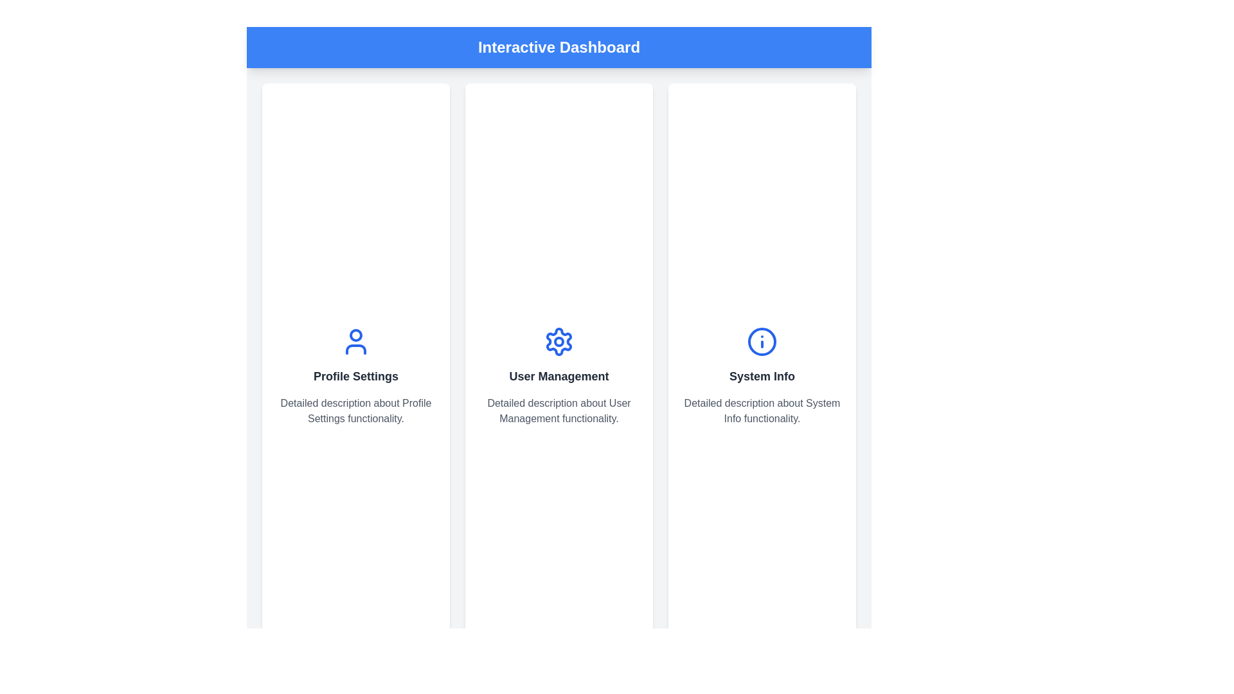  I want to click on the text label located centrally within the third card of a three-column layout, positioned below a circular blue icon, to trigger additional effects, so click(762, 376).